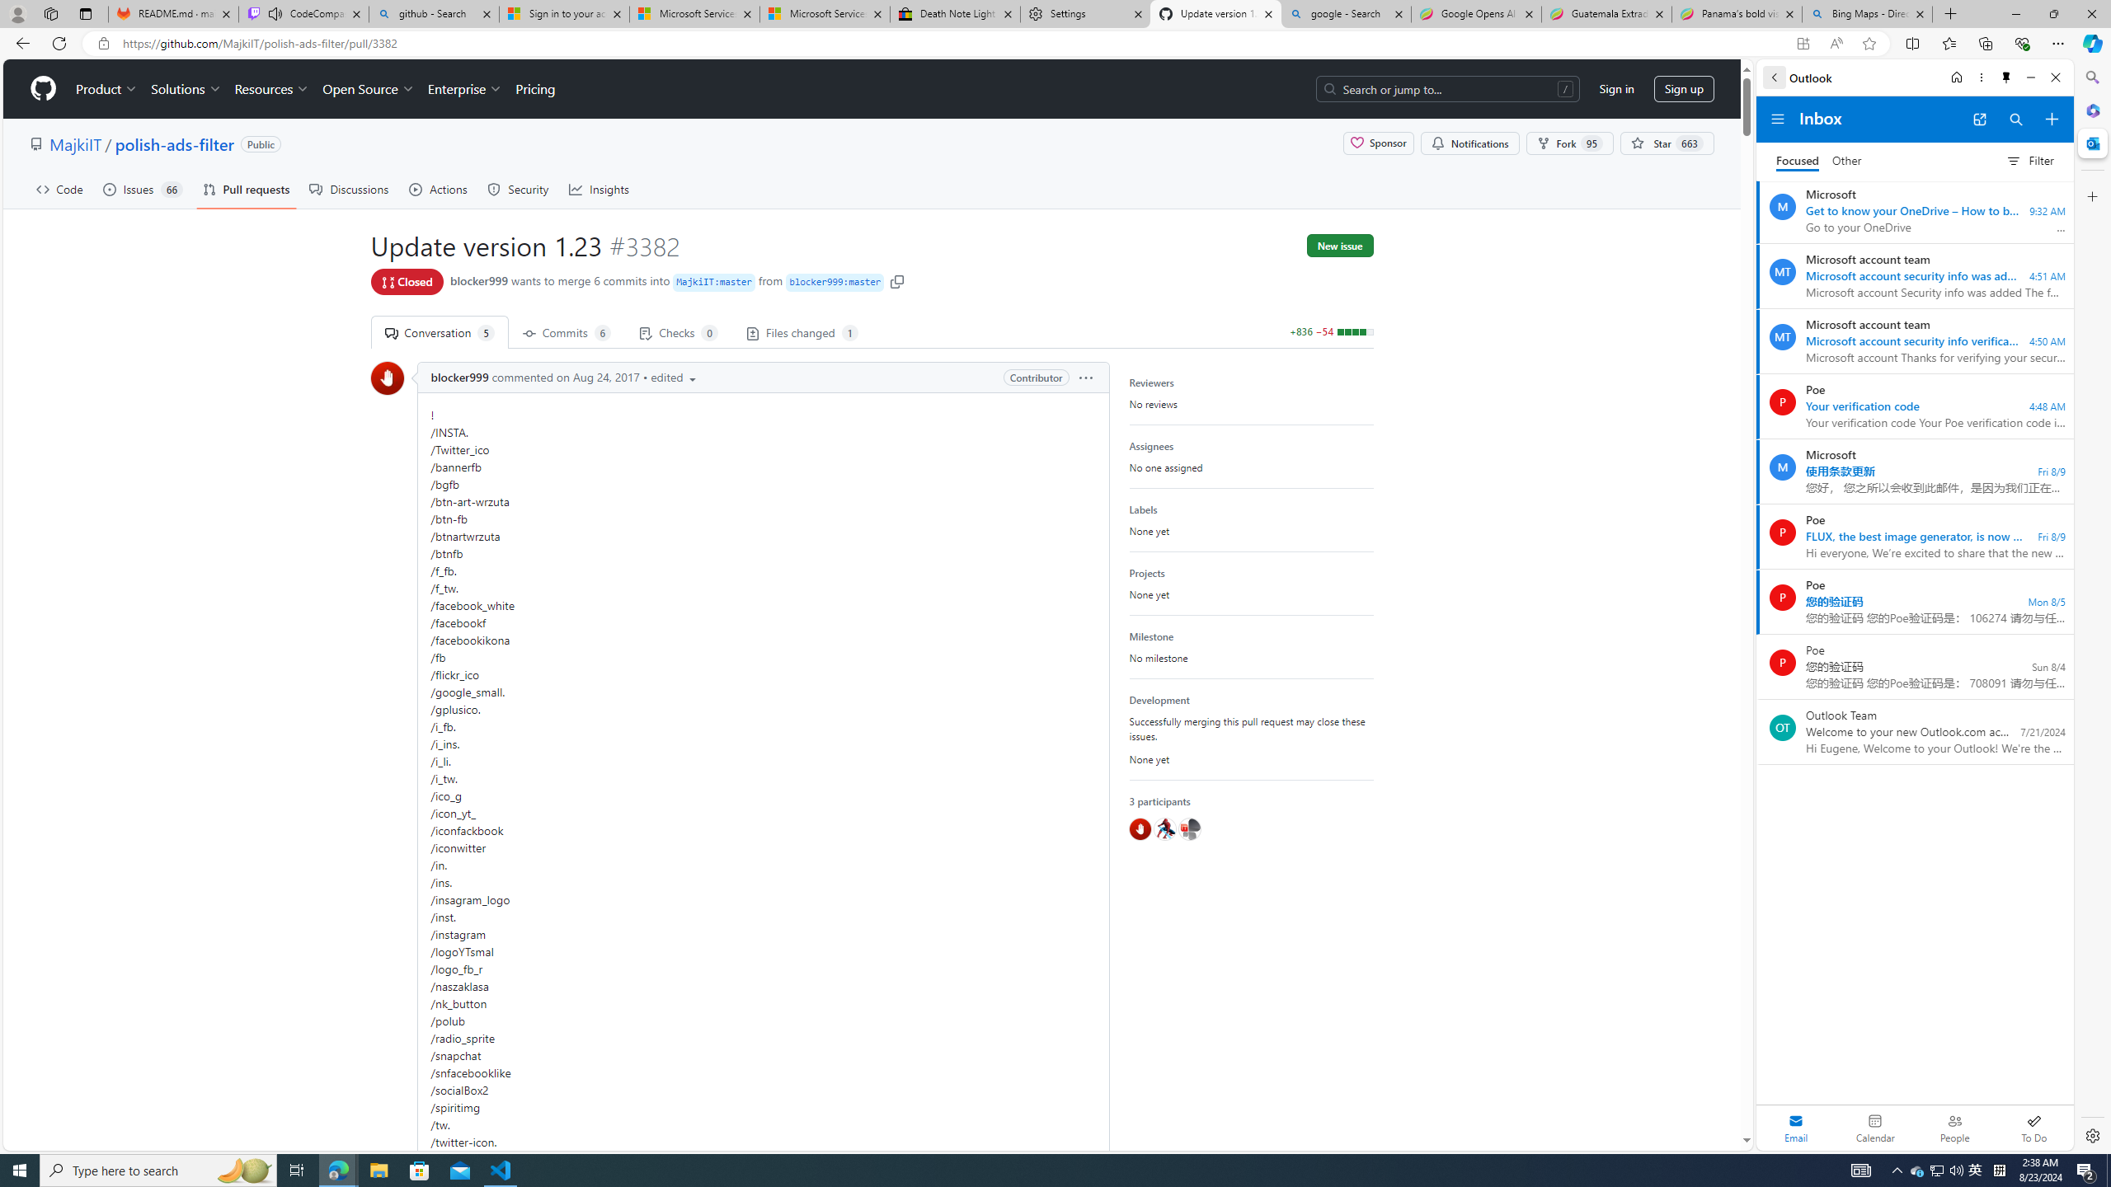 The height and width of the screenshot is (1187, 2111). What do you see at coordinates (174, 143) in the screenshot?
I see `'polish-ads-filter'` at bounding box center [174, 143].